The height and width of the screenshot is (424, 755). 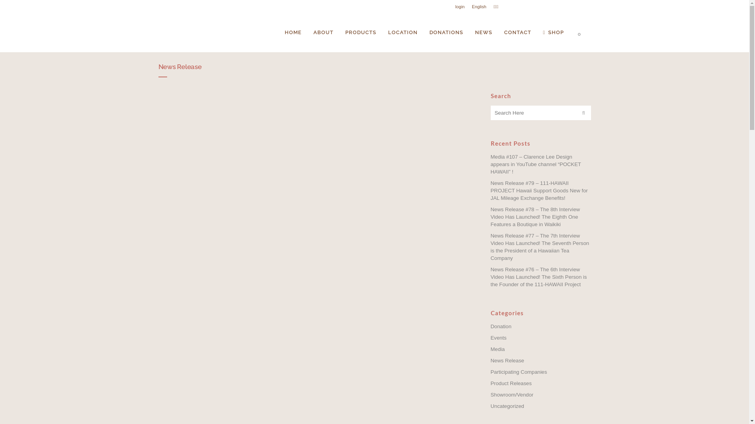 I want to click on 'login', so click(x=457, y=7).